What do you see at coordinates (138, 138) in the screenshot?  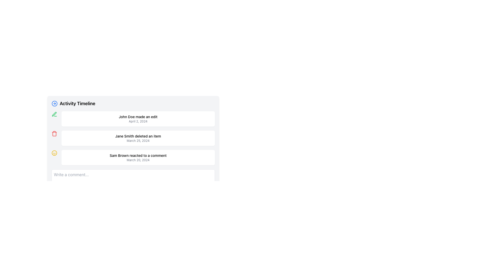 I see `the notification entry that states 'Jane Smith deleted an item' and the date 'March 25, 2024', which is styled with a white background and rounded corners, located in the vertical timeline of notifications` at bounding box center [138, 138].